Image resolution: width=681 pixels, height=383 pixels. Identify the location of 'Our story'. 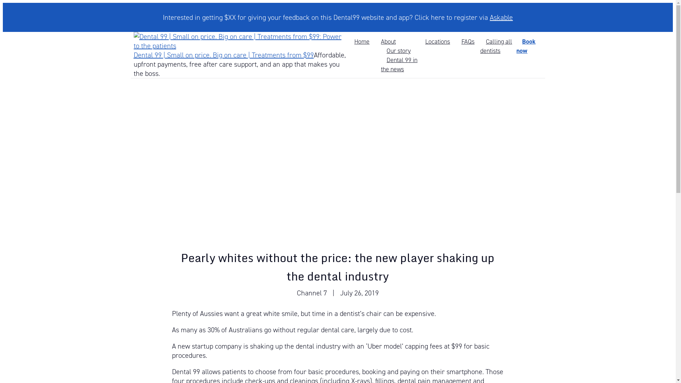
(398, 50).